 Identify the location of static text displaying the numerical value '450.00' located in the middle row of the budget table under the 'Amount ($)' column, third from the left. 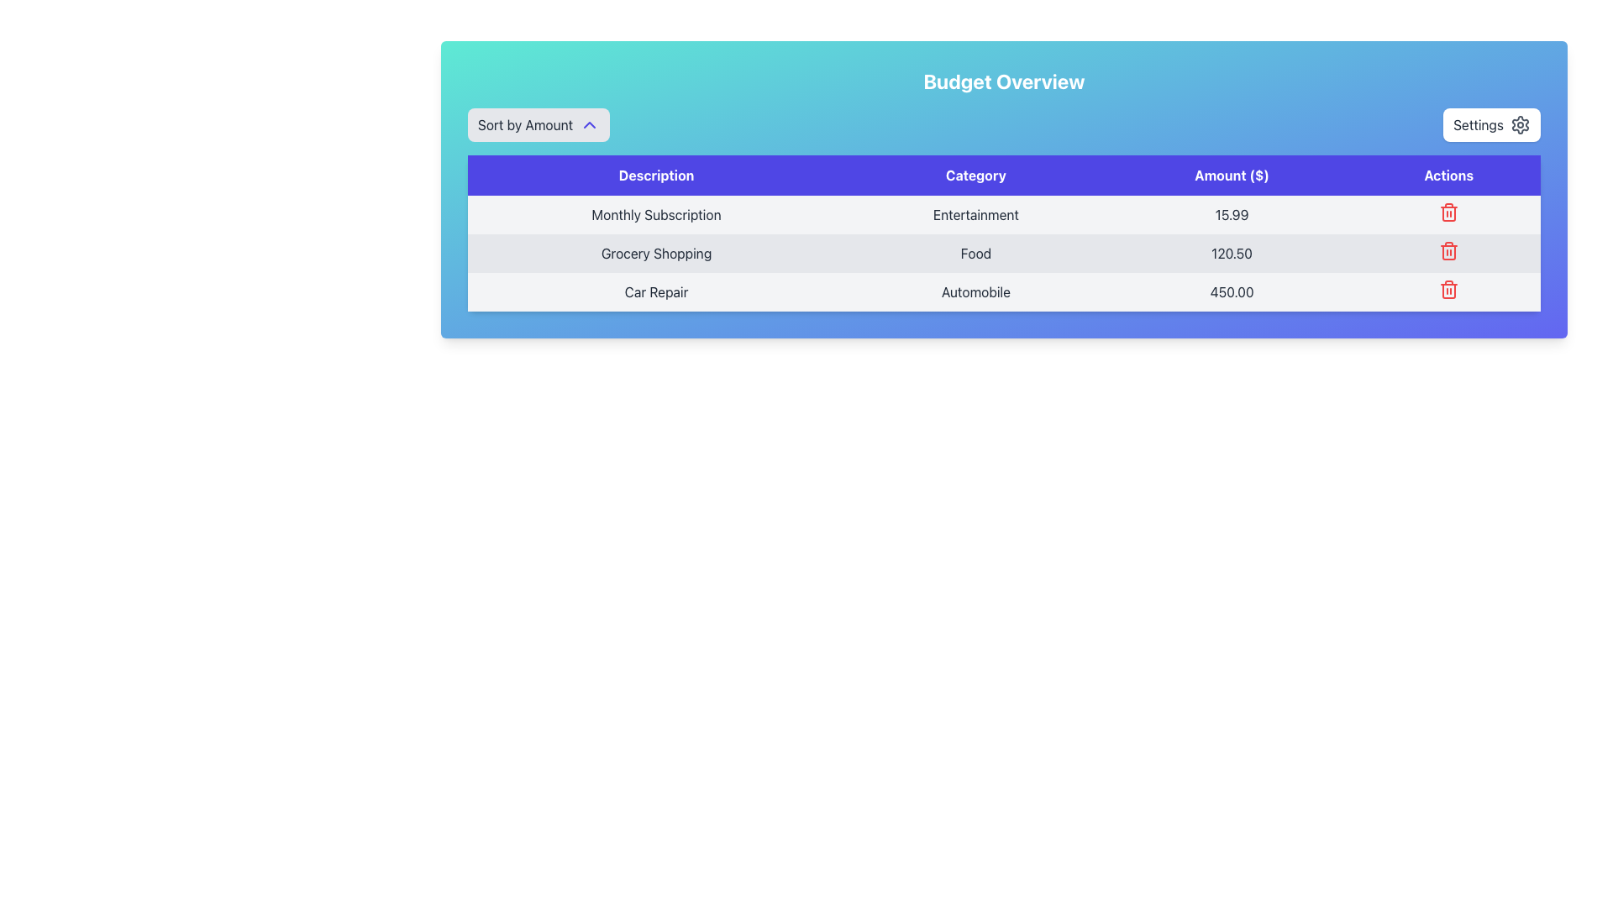
(1232, 291).